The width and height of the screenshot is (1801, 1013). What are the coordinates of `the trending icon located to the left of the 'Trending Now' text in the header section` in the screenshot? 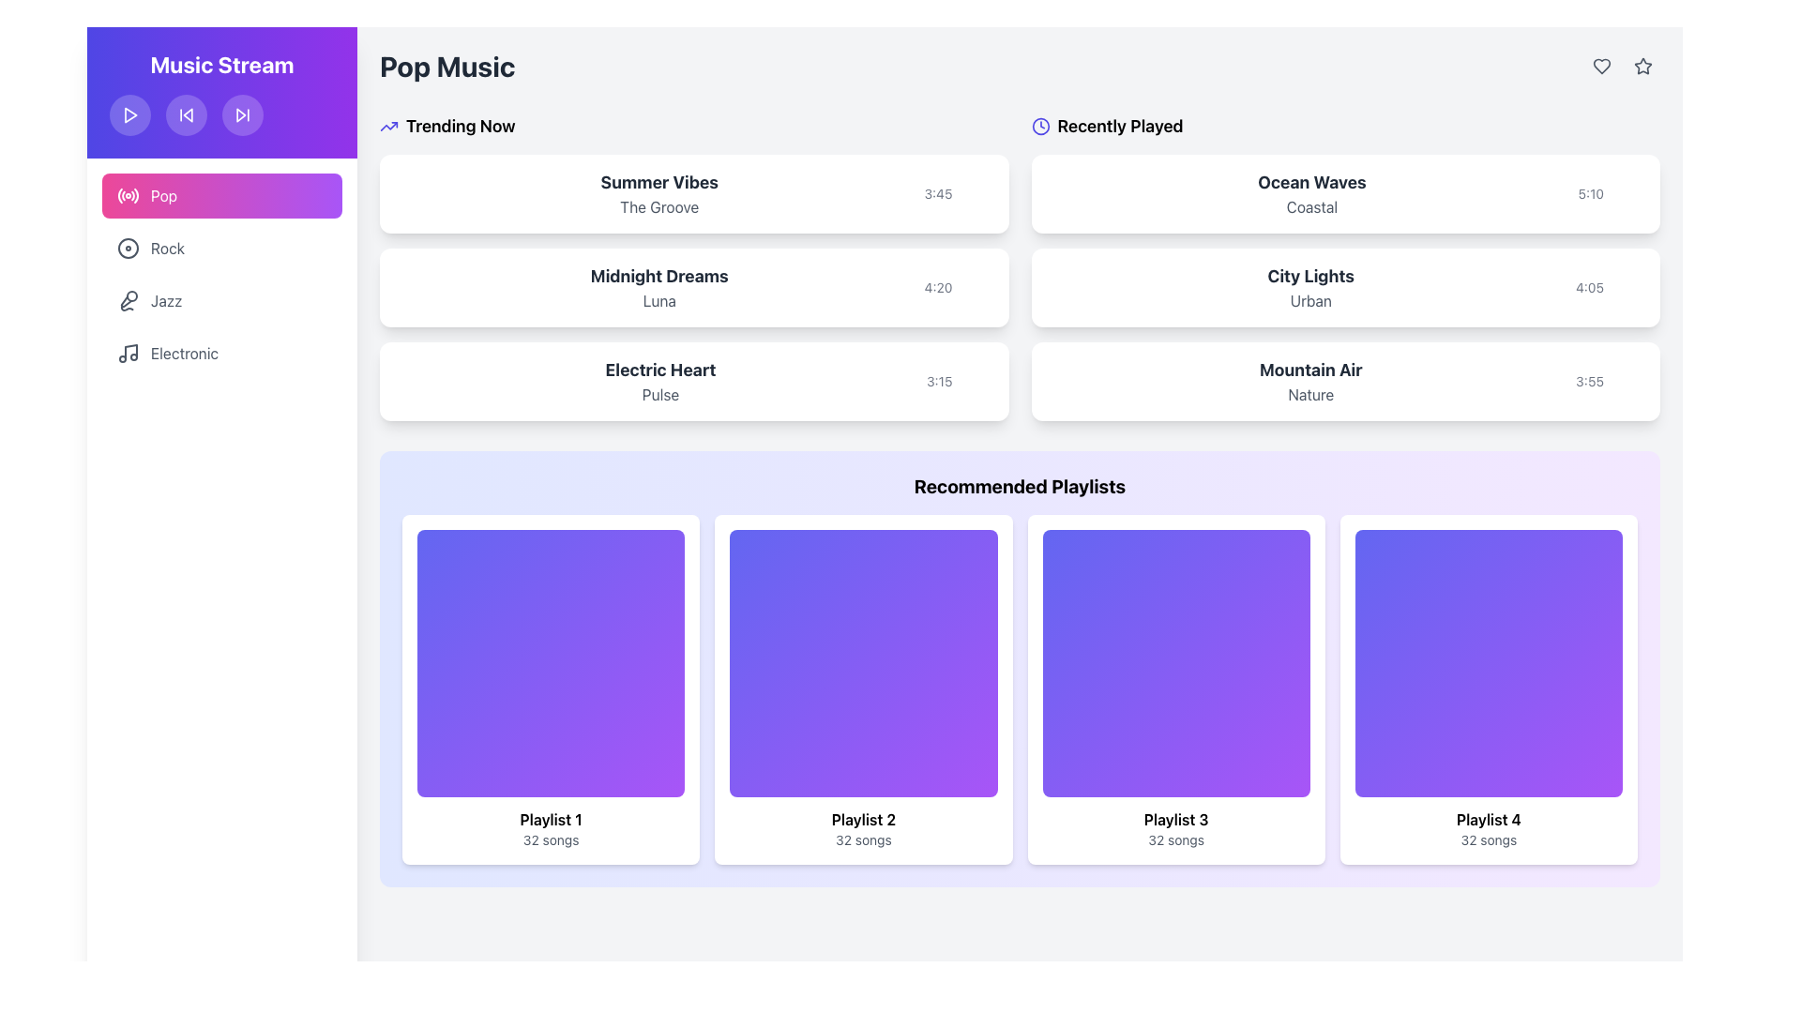 It's located at (387, 127).